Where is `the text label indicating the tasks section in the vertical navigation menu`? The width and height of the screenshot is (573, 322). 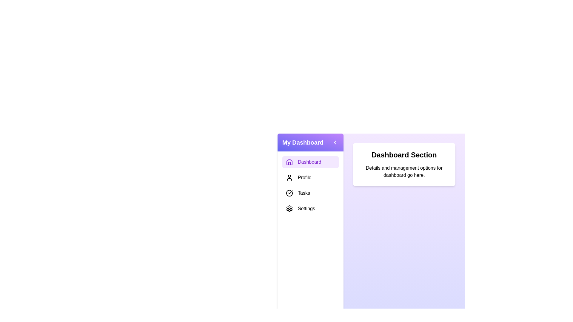
the text label indicating the tasks section in the vertical navigation menu is located at coordinates (304, 193).